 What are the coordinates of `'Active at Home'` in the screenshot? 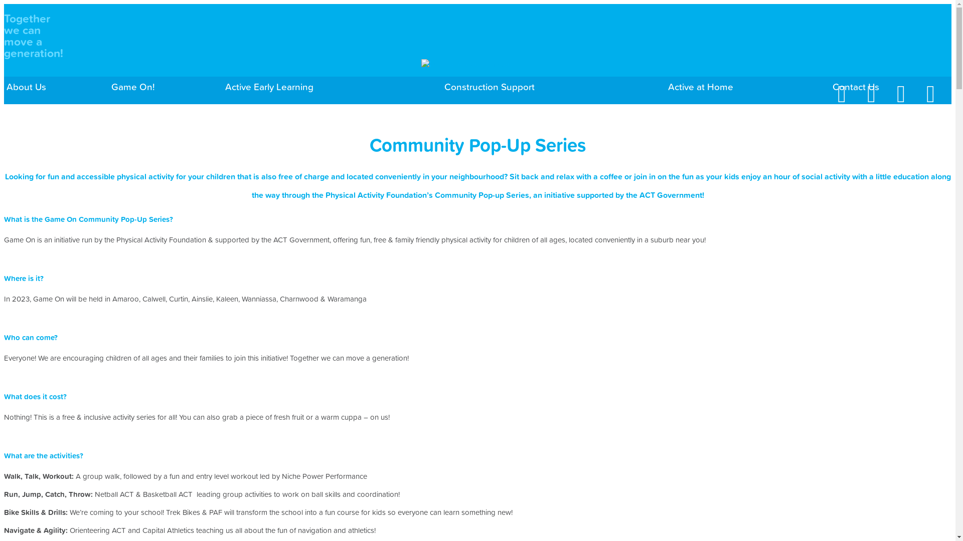 It's located at (700, 86).